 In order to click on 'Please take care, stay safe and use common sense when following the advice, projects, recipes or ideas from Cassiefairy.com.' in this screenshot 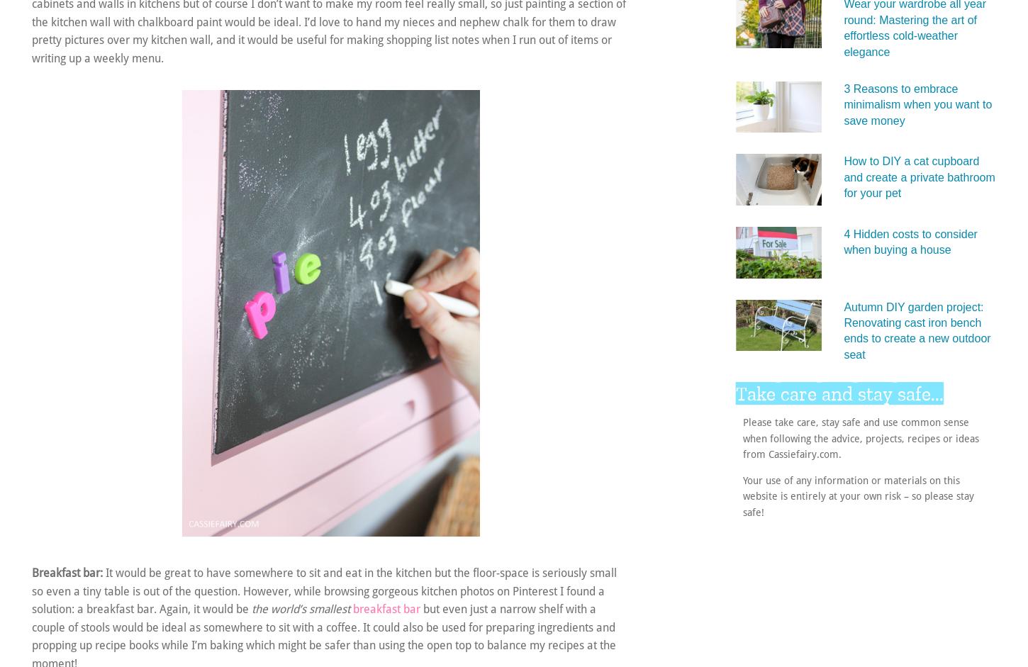, I will do `click(743, 437)`.